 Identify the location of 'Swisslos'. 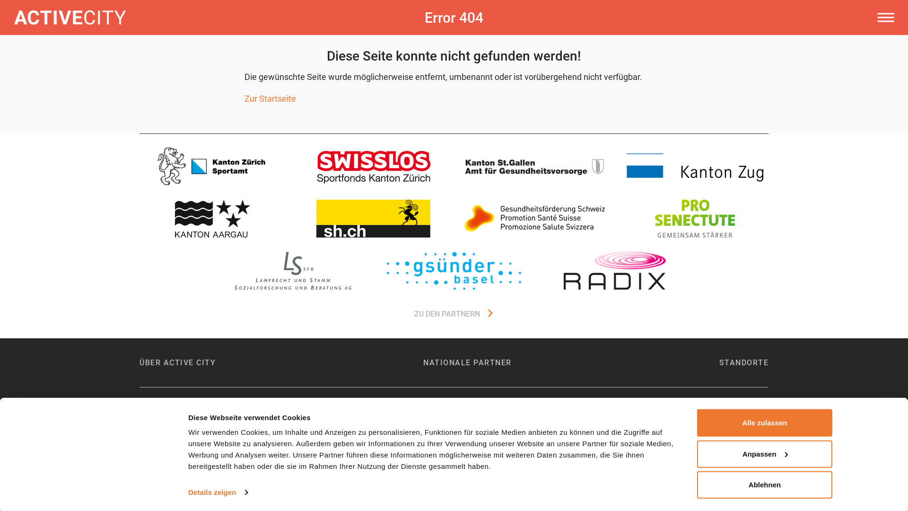
(373, 166).